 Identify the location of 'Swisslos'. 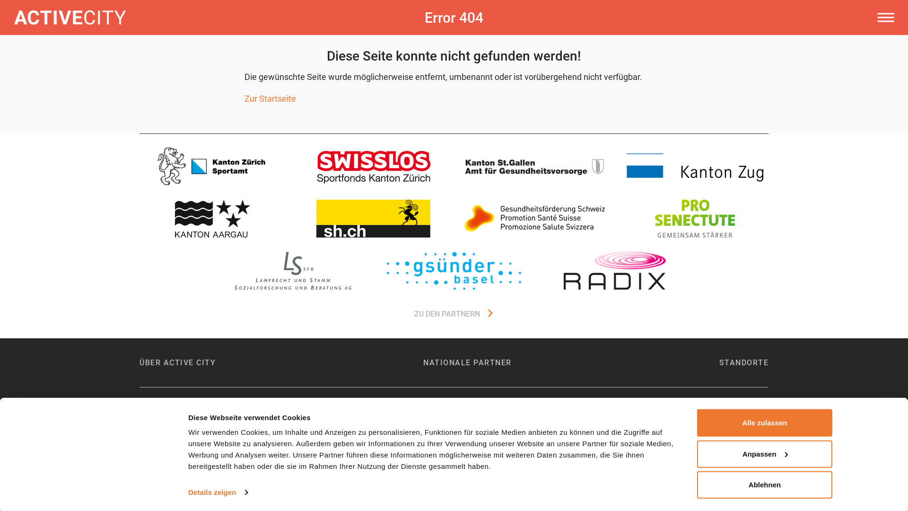
(373, 166).